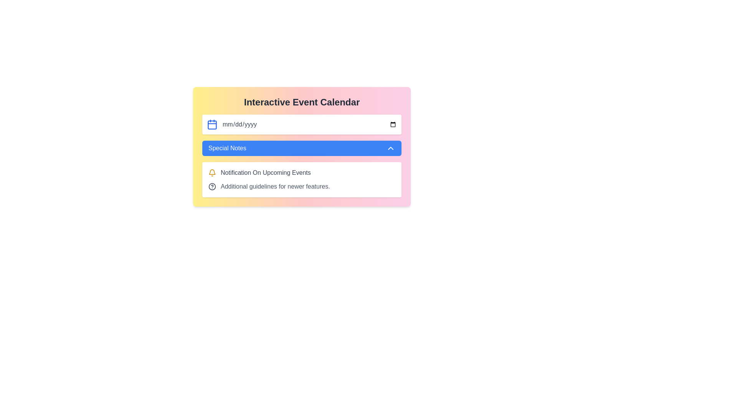 Image resolution: width=737 pixels, height=414 pixels. Describe the element at coordinates (301, 148) in the screenshot. I see `the blue button labeled 'Special Notes' with a right-aligned chevron` at that location.